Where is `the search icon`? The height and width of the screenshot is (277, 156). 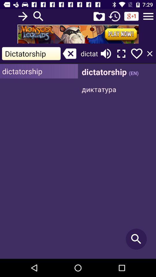
the search icon is located at coordinates (38, 16).